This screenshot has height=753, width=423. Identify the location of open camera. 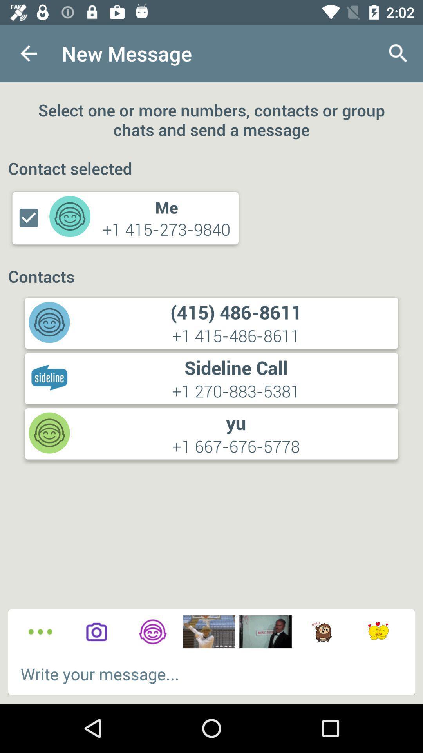
(96, 632).